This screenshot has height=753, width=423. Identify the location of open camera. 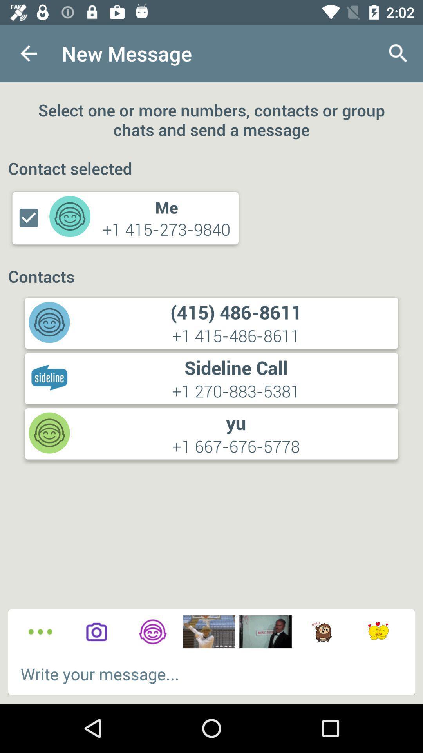
(96, 632).